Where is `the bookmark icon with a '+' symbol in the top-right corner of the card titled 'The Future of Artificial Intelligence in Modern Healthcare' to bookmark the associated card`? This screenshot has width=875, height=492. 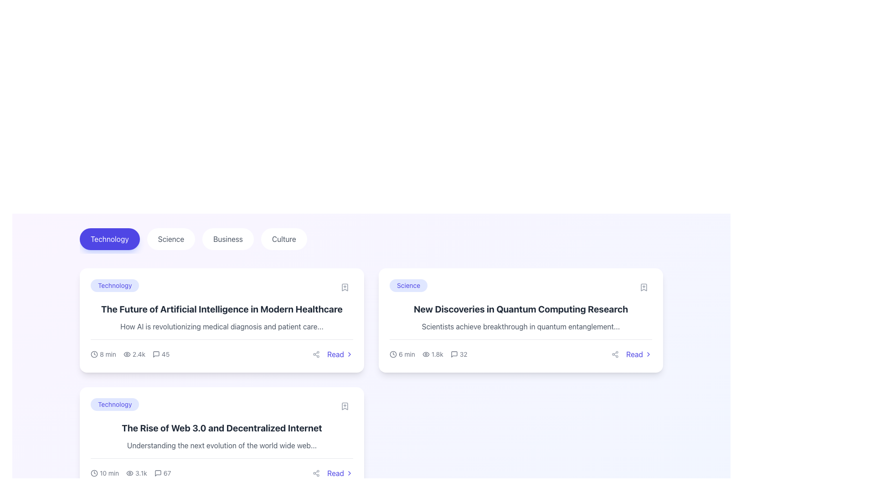
the bookmark icon with a '+' symbol in the top-right corner of the card titled 'The Future of Artificial Intelligence in Modern Healthcare' to bookmark the associated card is located at coordinates (345, 287).